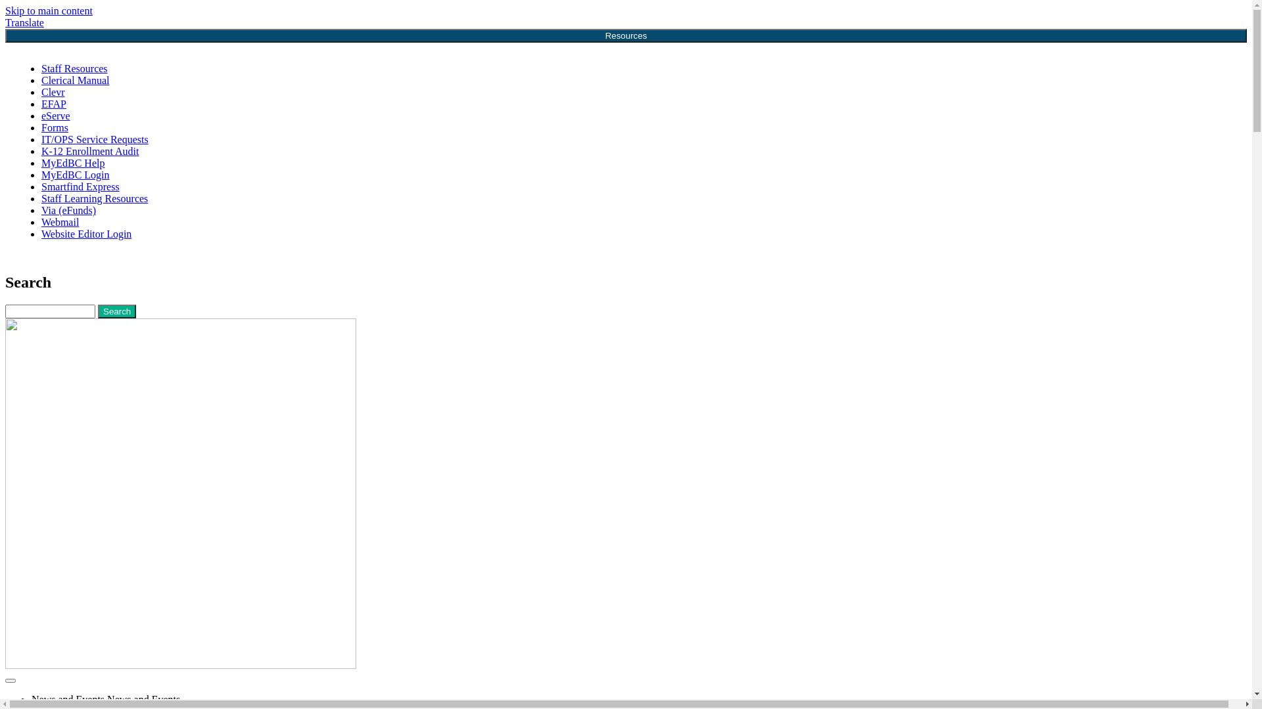 The width and height of the screenshot is (1262, 709). I want to click on 'Enter the terms you wish to search for.', so click(5, 311).